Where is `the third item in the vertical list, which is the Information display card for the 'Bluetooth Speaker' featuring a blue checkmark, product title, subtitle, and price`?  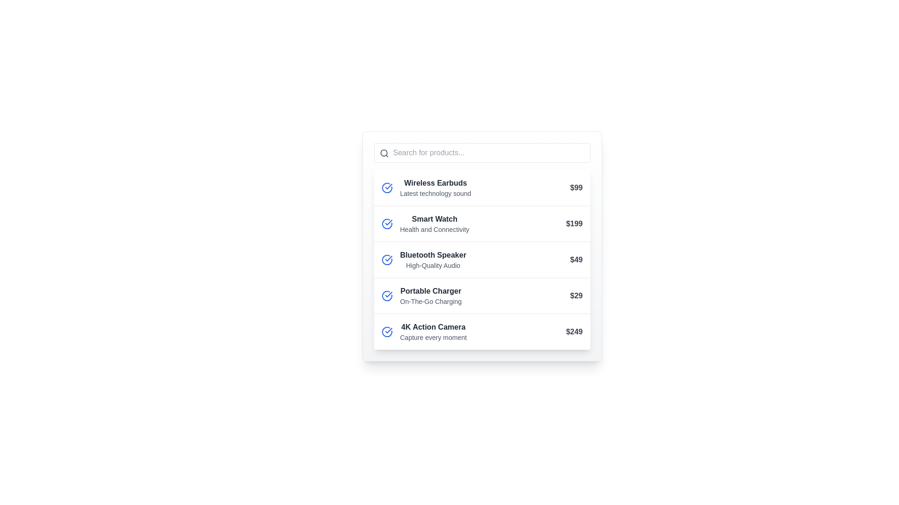
the third item in the vertical list, which is the Information display card for the 'Bluetooth Speaker' featuring a blue checkmark, product title, subtitle, and price is located at coordinates (482, 260).